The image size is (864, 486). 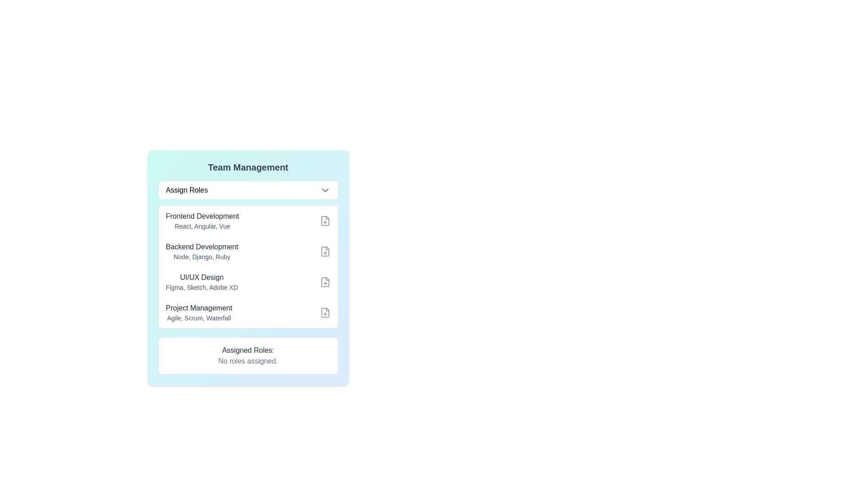 I want to click on the action button located on the far right of the 'Project Management' item in the list, which interacts with the project management options, so click(x=324, y=312).